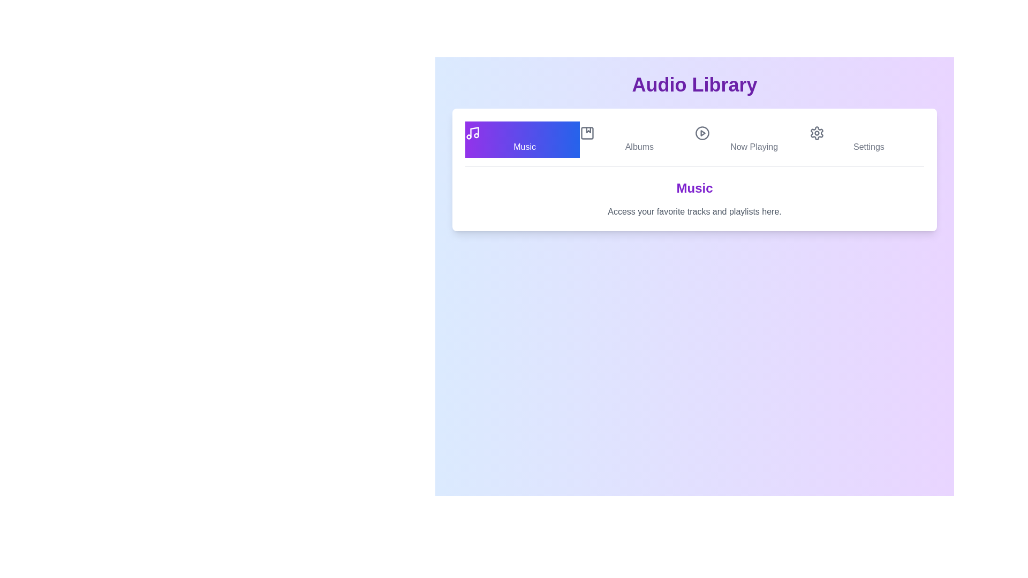 This screenshot has height=578, width=1028. Describe the element at coordinates (816, 133) in the screenshot. I see `the gear icon` at that location.